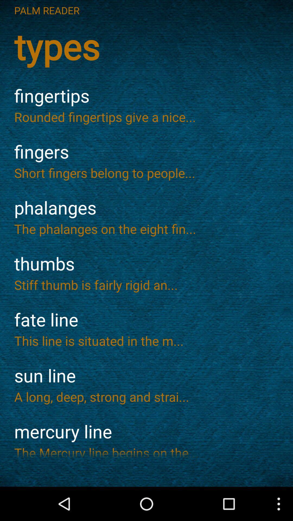  Describe the element at coordinates (146, 397) in the screenshot. I see `the icon below the sun line item` at that location.